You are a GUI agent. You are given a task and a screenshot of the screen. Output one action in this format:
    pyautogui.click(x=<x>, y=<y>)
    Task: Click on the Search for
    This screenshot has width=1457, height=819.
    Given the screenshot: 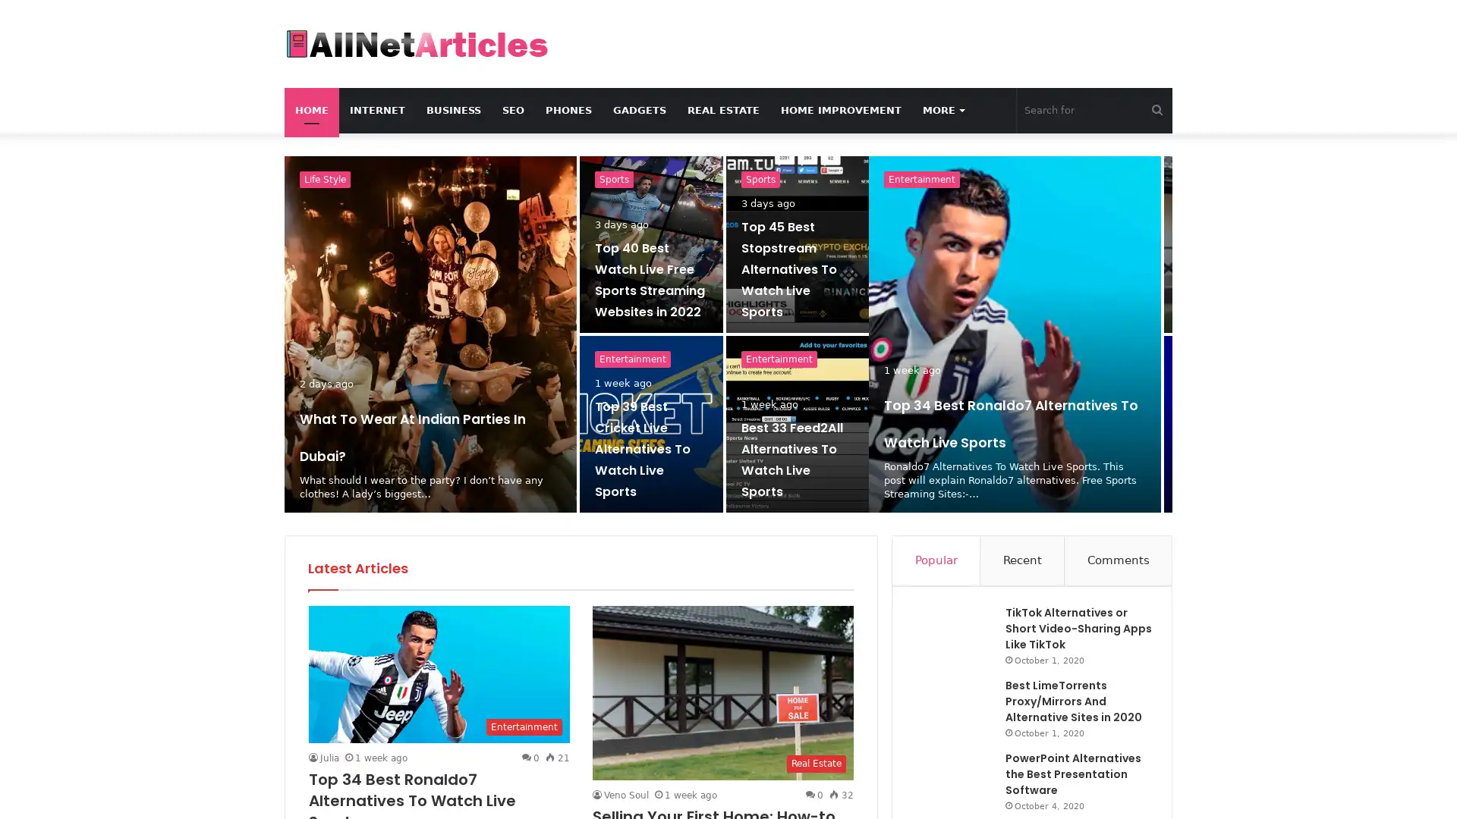 What is the action you would take?
    pyautogui.click(x=1156, y=110)
    